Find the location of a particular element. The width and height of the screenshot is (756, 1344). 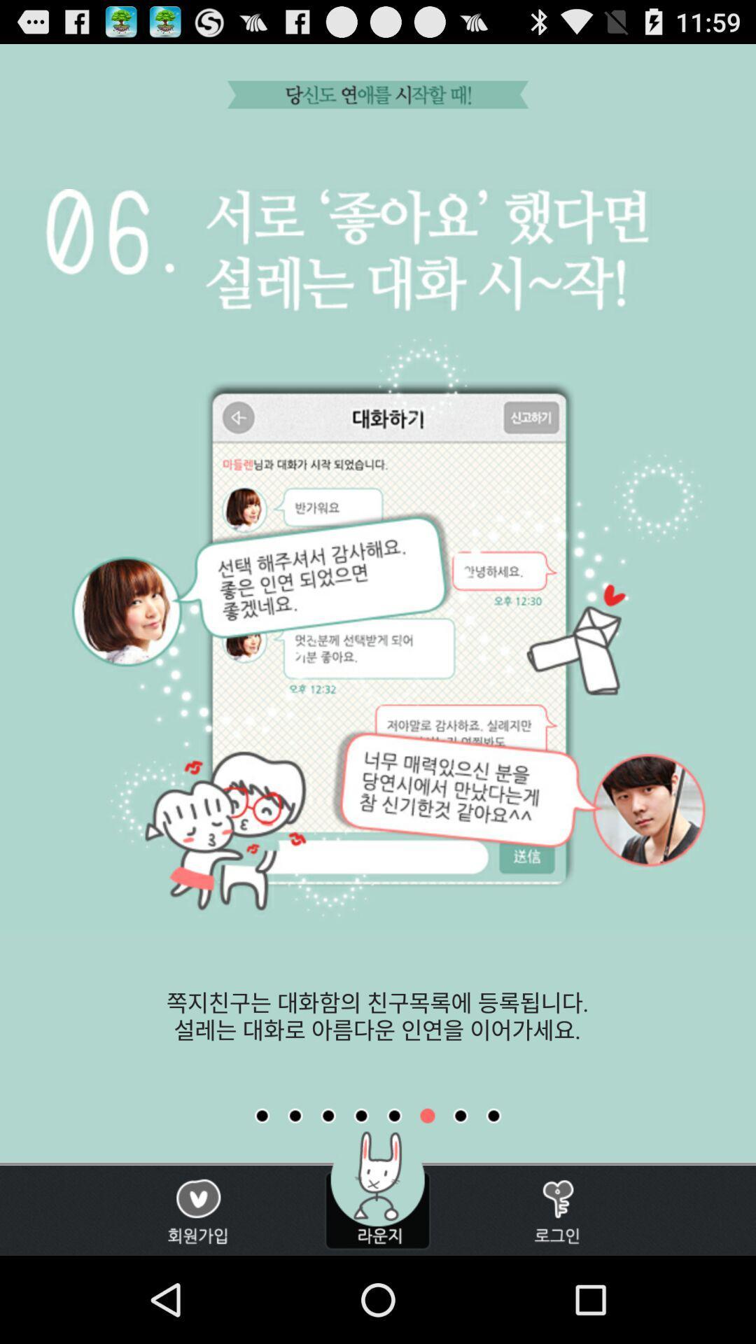

page 2 is located at coordinates (294, 1115).